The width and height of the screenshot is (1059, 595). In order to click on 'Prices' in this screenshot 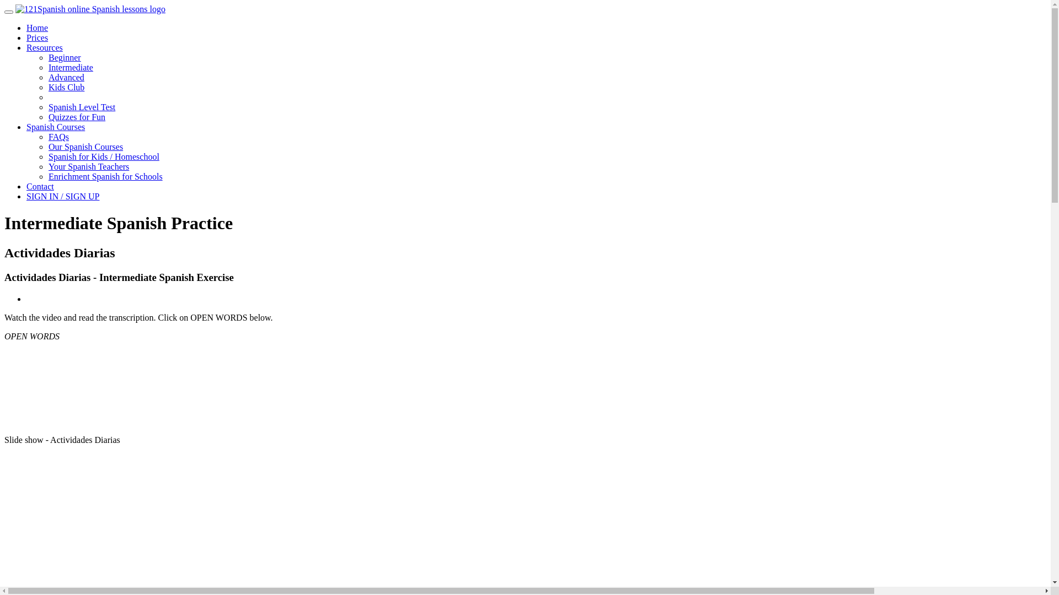, I will do `click(26, 37)`.